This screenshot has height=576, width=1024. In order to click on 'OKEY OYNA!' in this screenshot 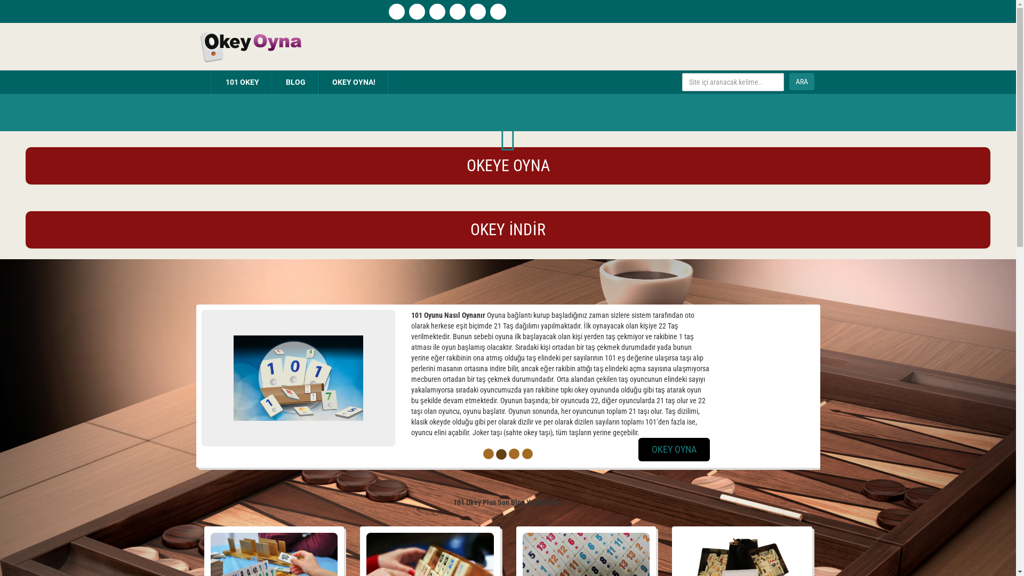, I will do `click(353, 82)`.